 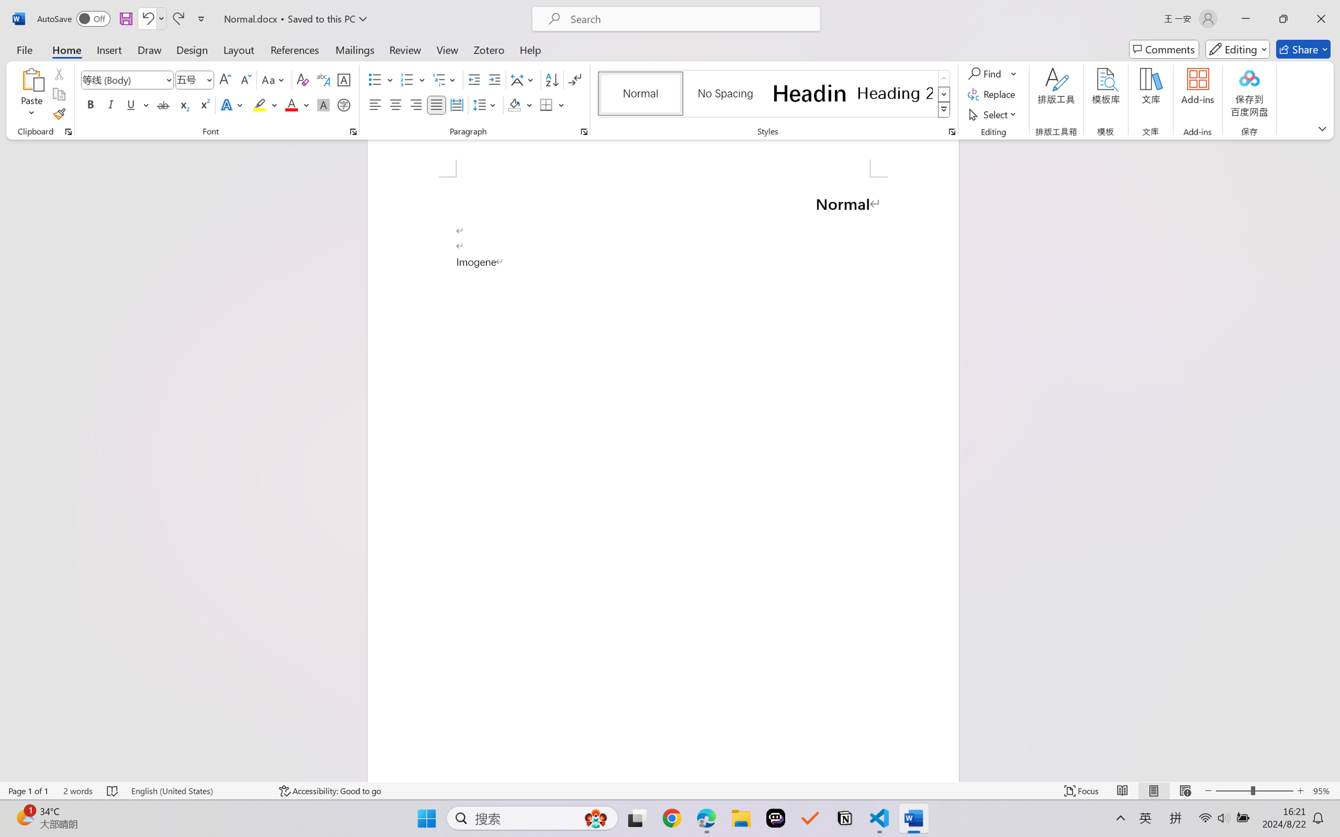 I want to click on 'AutomationID: QuickStylesGallery', so click(x=774, y=94).